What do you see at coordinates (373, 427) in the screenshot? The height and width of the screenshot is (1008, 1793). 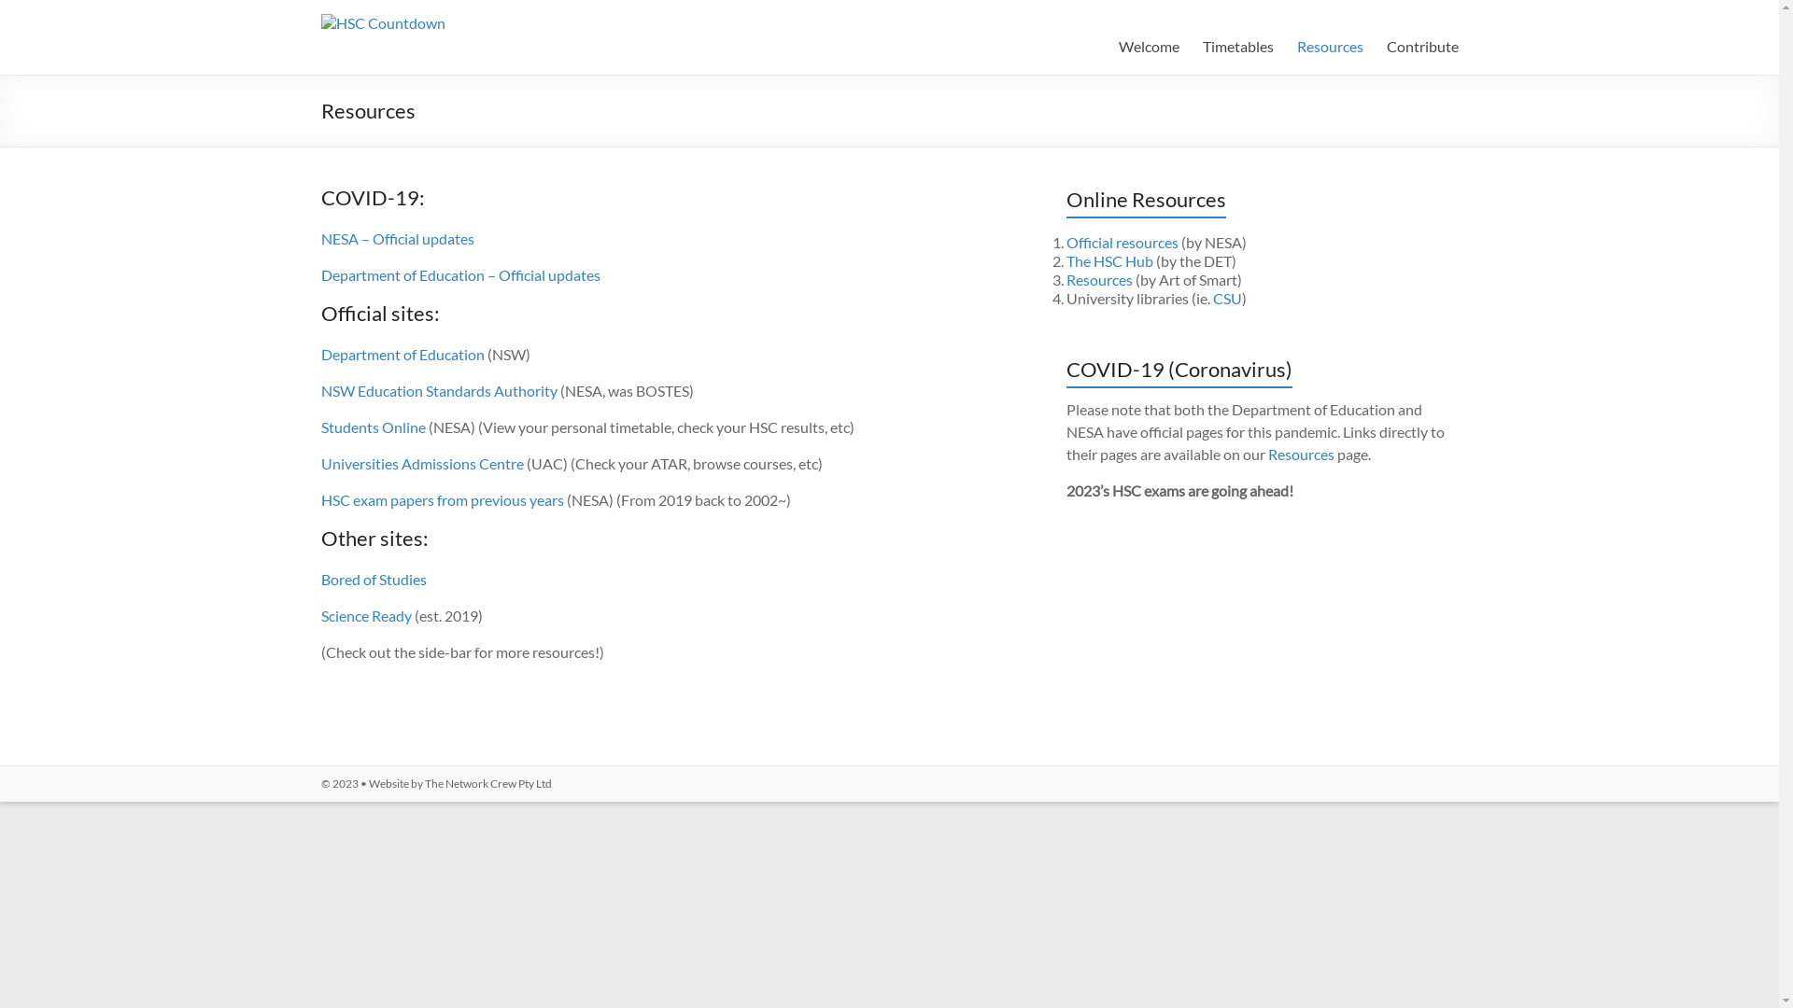 I see `'Students Online'` at bounding box center [373, 427].